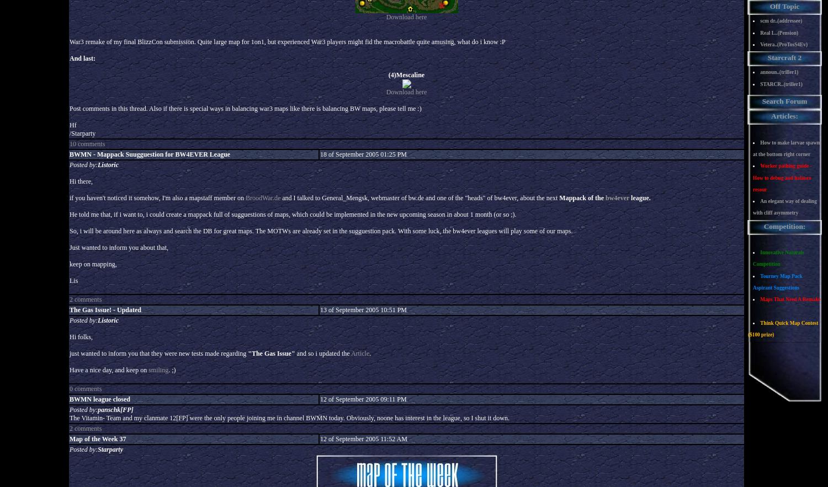  What do you see at coordinates (93, 264) in the screenshot?
I see `'keep on mapping,'` at bounding box center [93, 264].